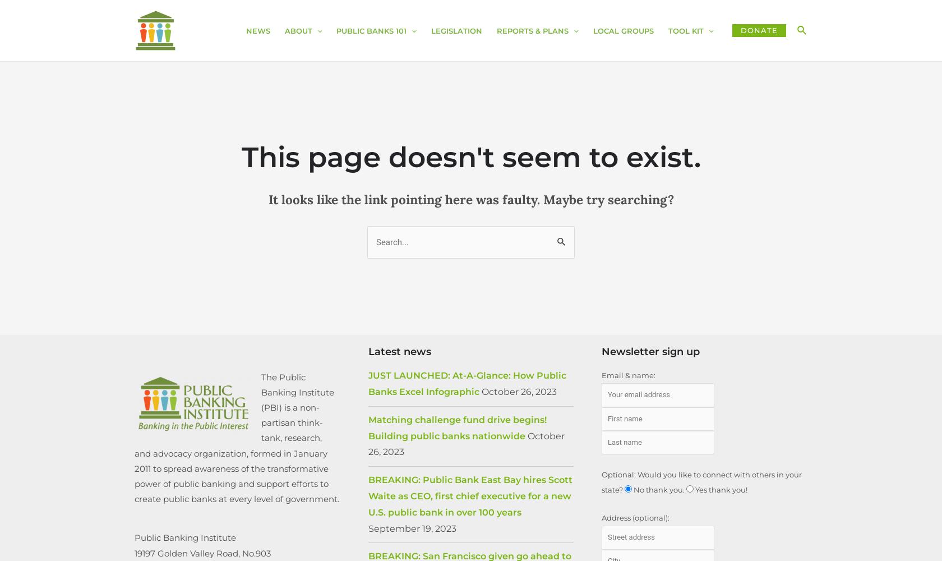 This screenshot has height=561, width=942. I want to click on 'Latest news', so click(399, 351).